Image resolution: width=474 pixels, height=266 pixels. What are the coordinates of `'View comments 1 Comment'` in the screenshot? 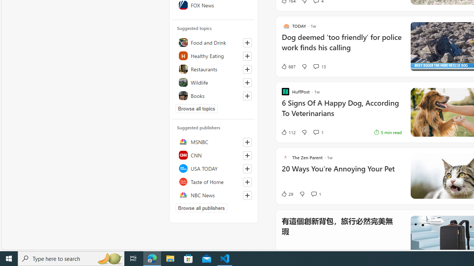 It's located at (316, 194).